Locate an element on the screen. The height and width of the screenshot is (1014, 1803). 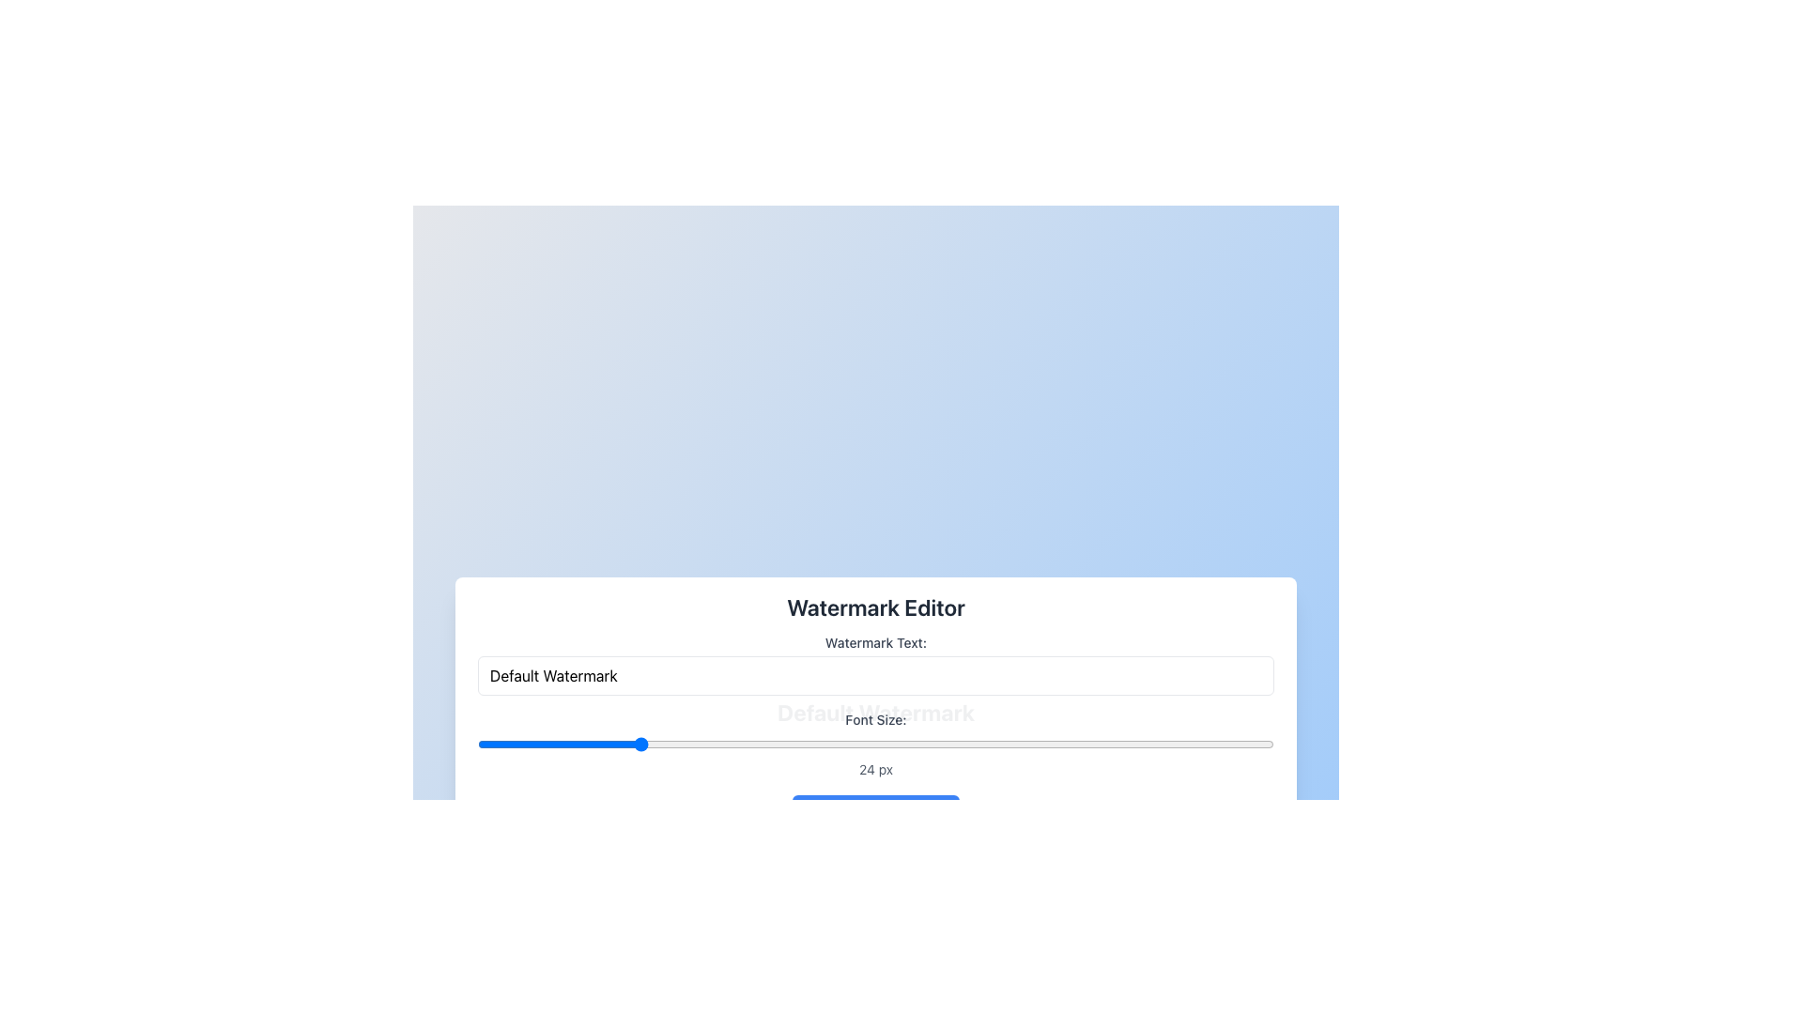
the Text Label that indicates the purpose of the watermark settings area, located at the top of the white card-like box containing the customization settings is located at coordinates (874, 607).